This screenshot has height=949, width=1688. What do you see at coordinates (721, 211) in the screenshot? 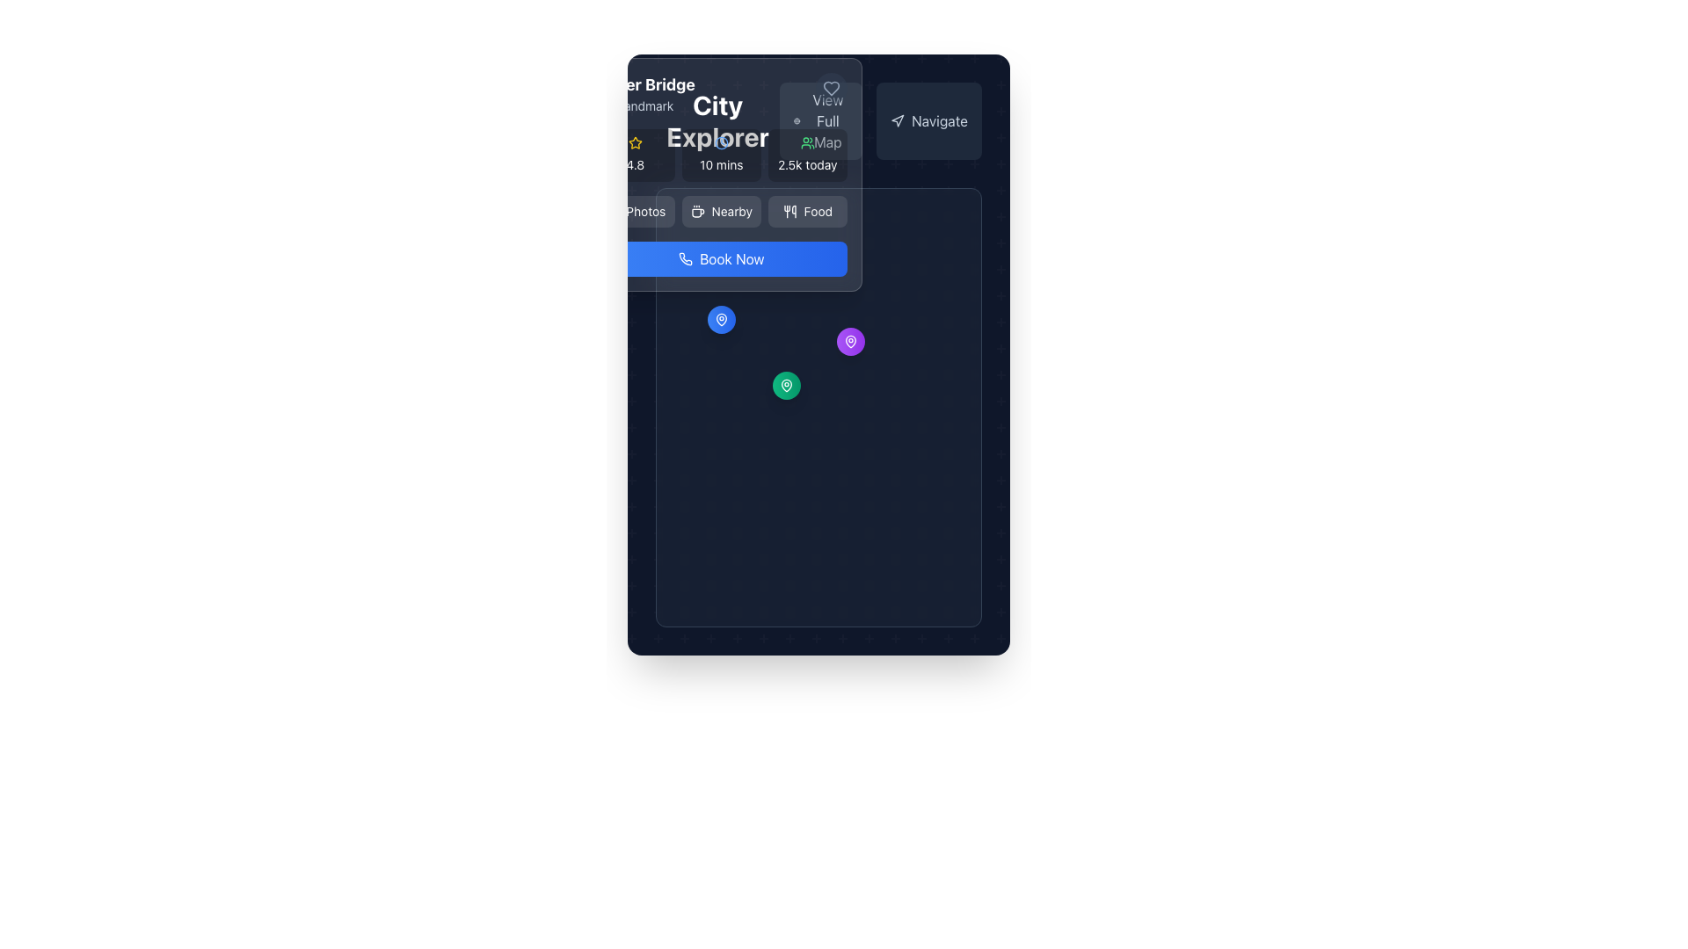
I see `the second button in the horizontal row of three buttons, located between the 'Photos' button and the 'Food' button` at bounding box center [721, 211].